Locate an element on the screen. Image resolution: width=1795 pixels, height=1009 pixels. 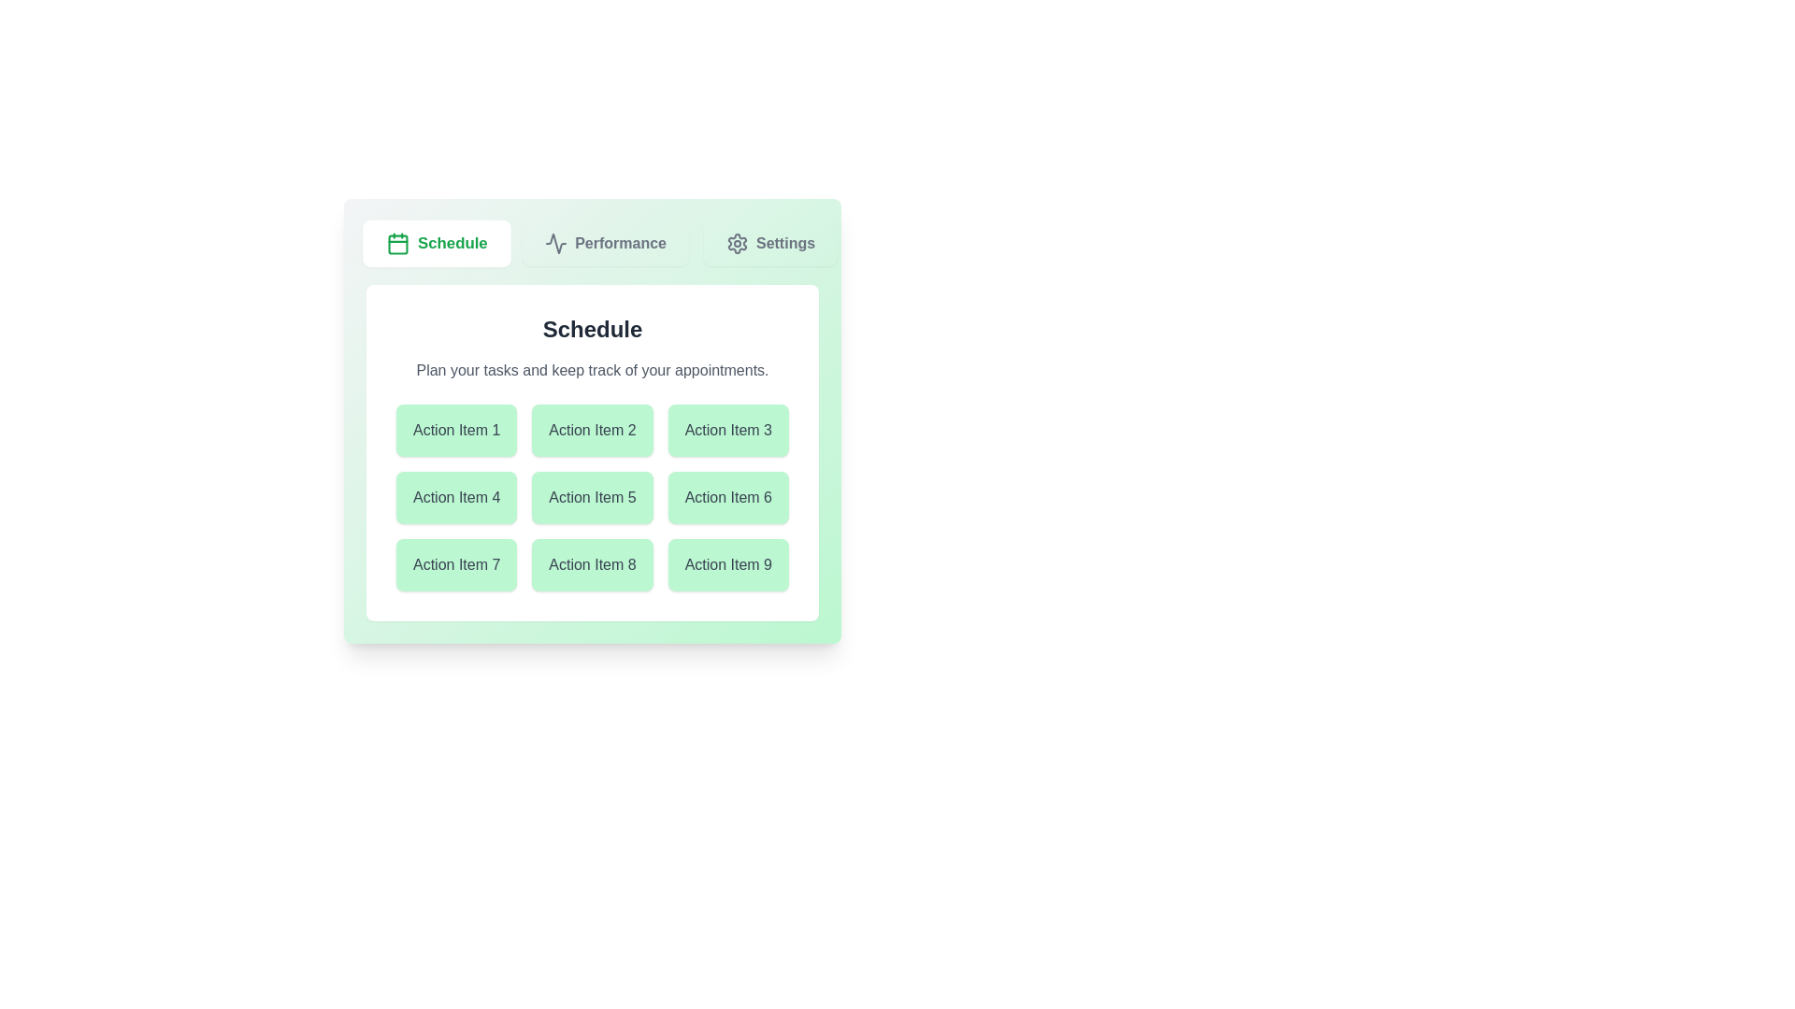
the Schedule tab is located at coordinates (436, 243).